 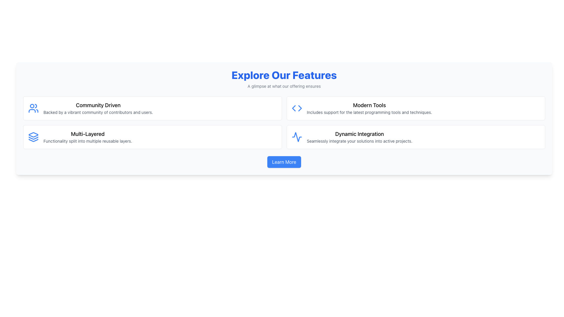 I want to click on the decorative element within the SVG icon on the left side of the 'Community Driven' section, which is part of the top row of features in the presentation panel, so click(x=32, y=106).